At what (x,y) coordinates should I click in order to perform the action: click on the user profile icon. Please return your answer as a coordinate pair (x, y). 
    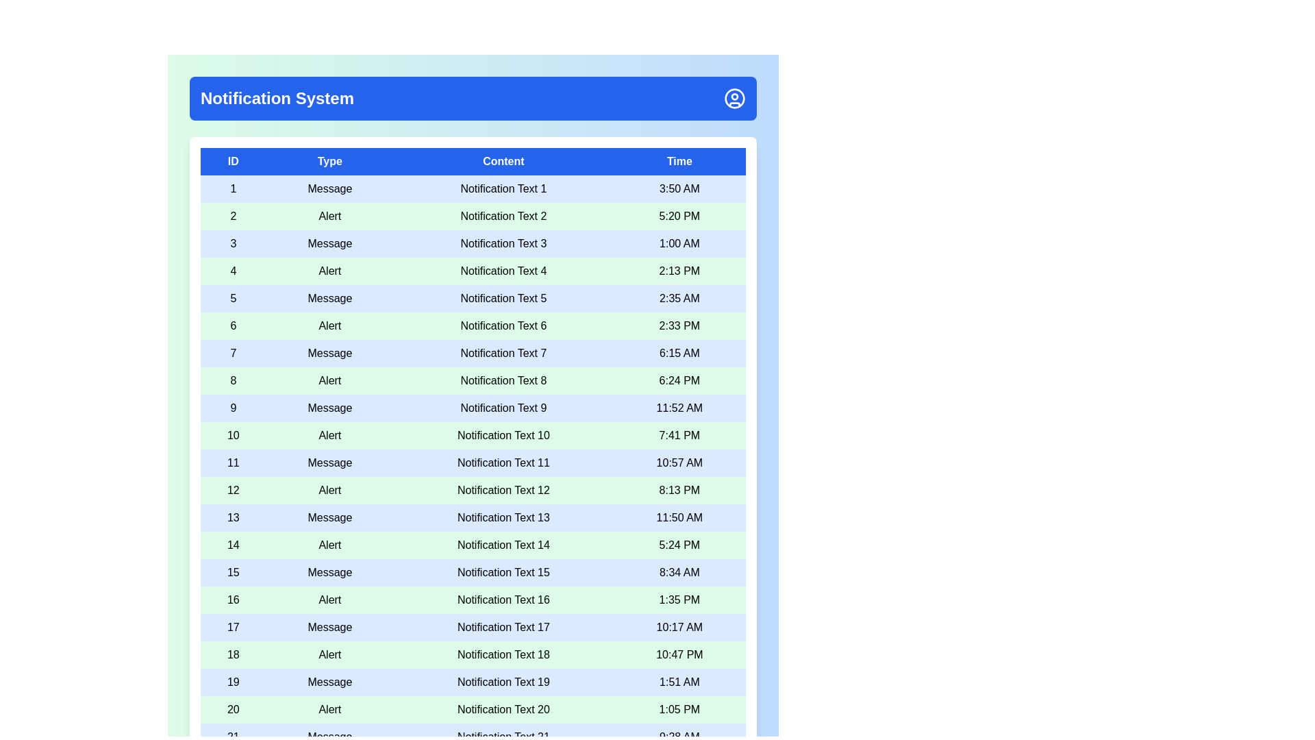
    Looking at the image, I should click on (734, 97).